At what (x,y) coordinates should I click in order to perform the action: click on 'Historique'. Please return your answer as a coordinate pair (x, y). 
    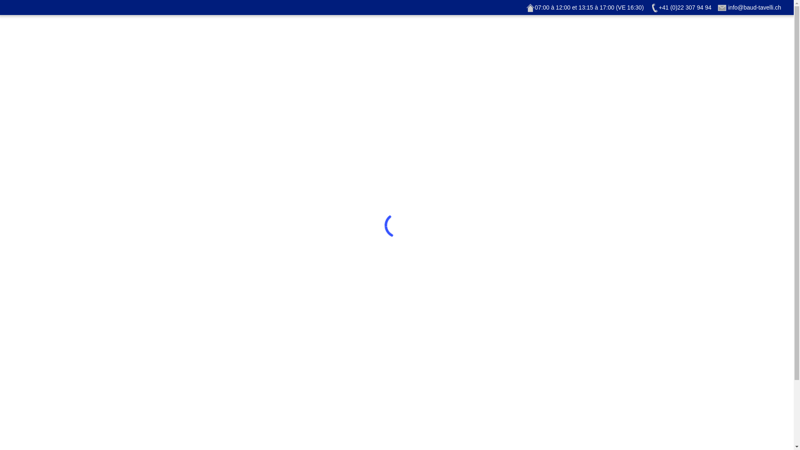
    Looking at the image, I should click on (375, 36).